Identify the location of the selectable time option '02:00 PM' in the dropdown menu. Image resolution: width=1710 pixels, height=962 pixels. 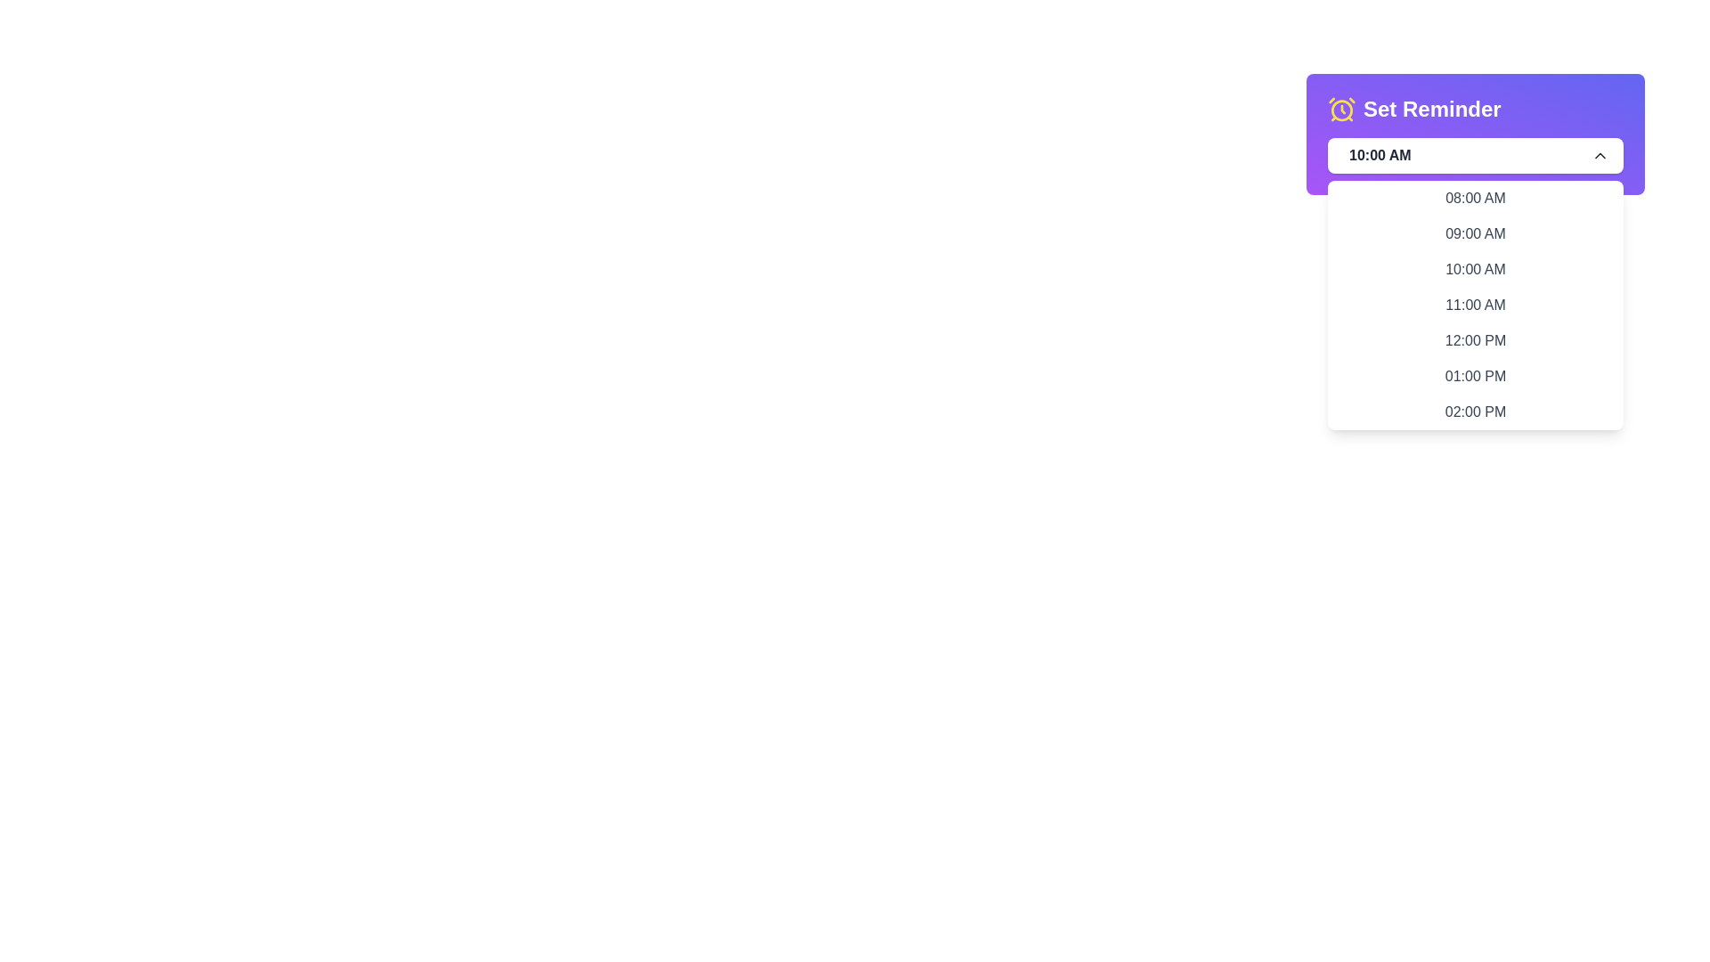
(1475, 412).